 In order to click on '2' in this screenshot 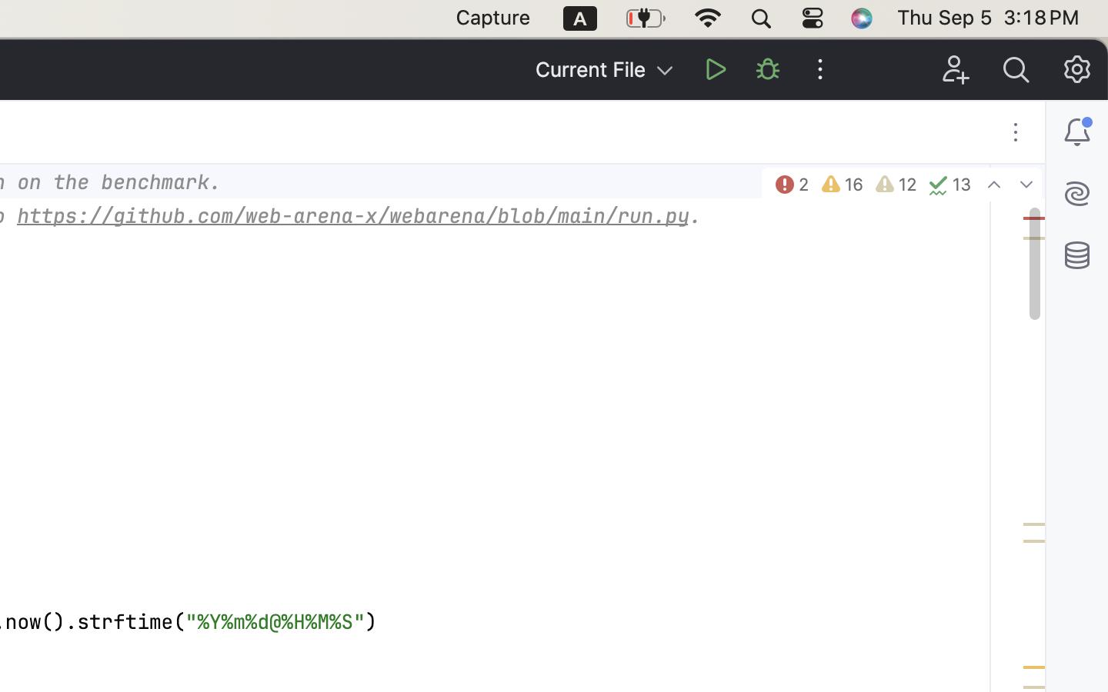, I will do `click(791, 184)`.